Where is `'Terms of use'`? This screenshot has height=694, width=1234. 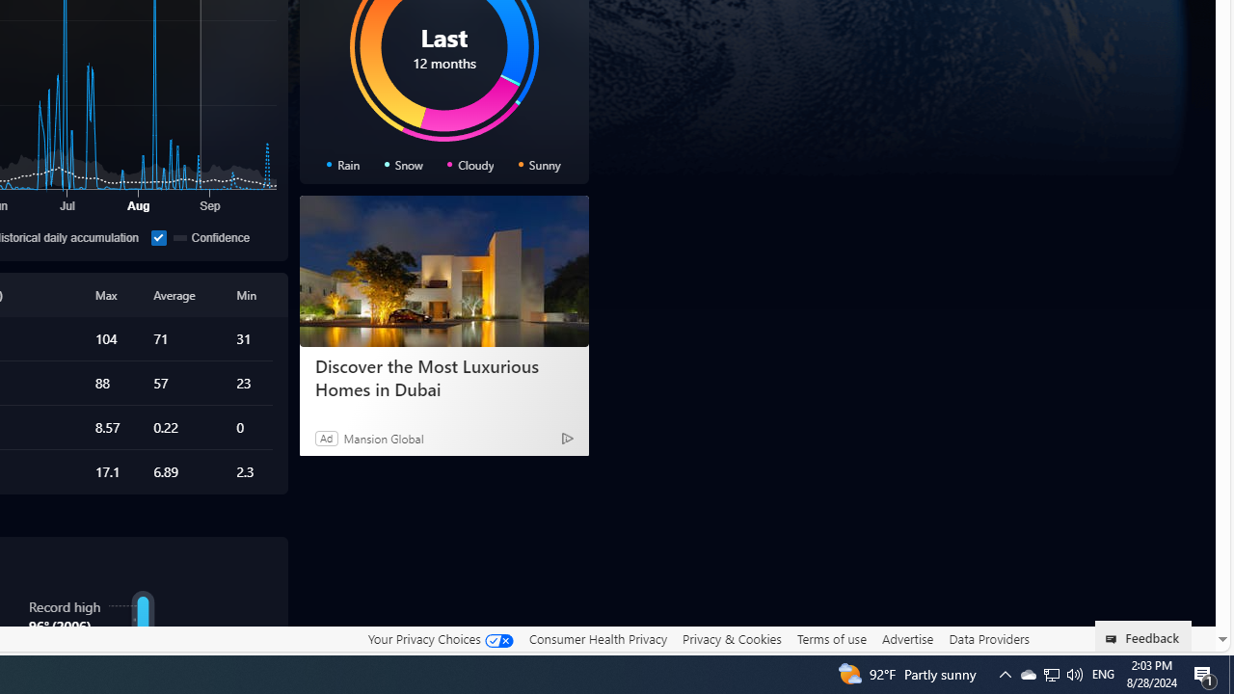 'Terms of use' is located at coordinates (831, 639).